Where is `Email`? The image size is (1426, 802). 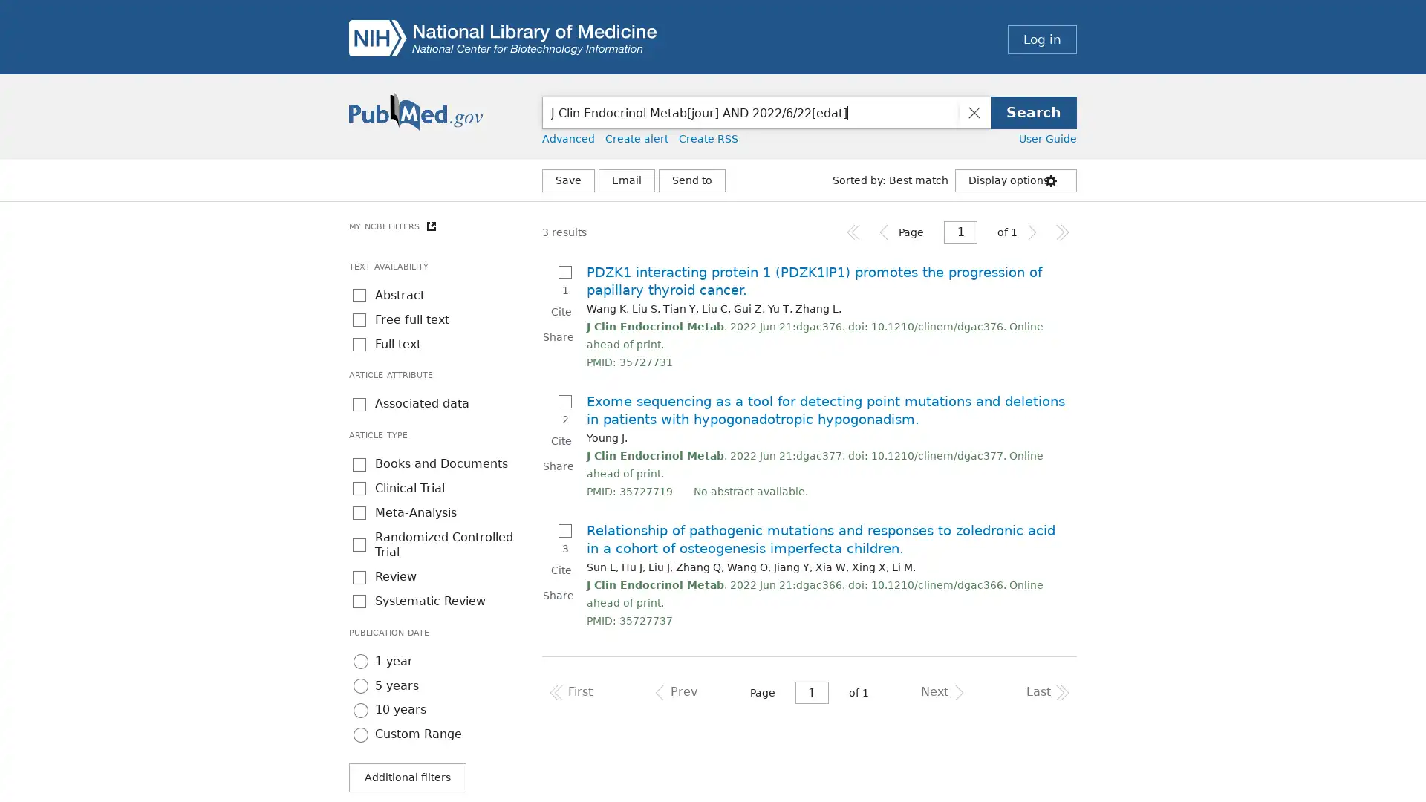 Email is located at coordinates (627, 180).